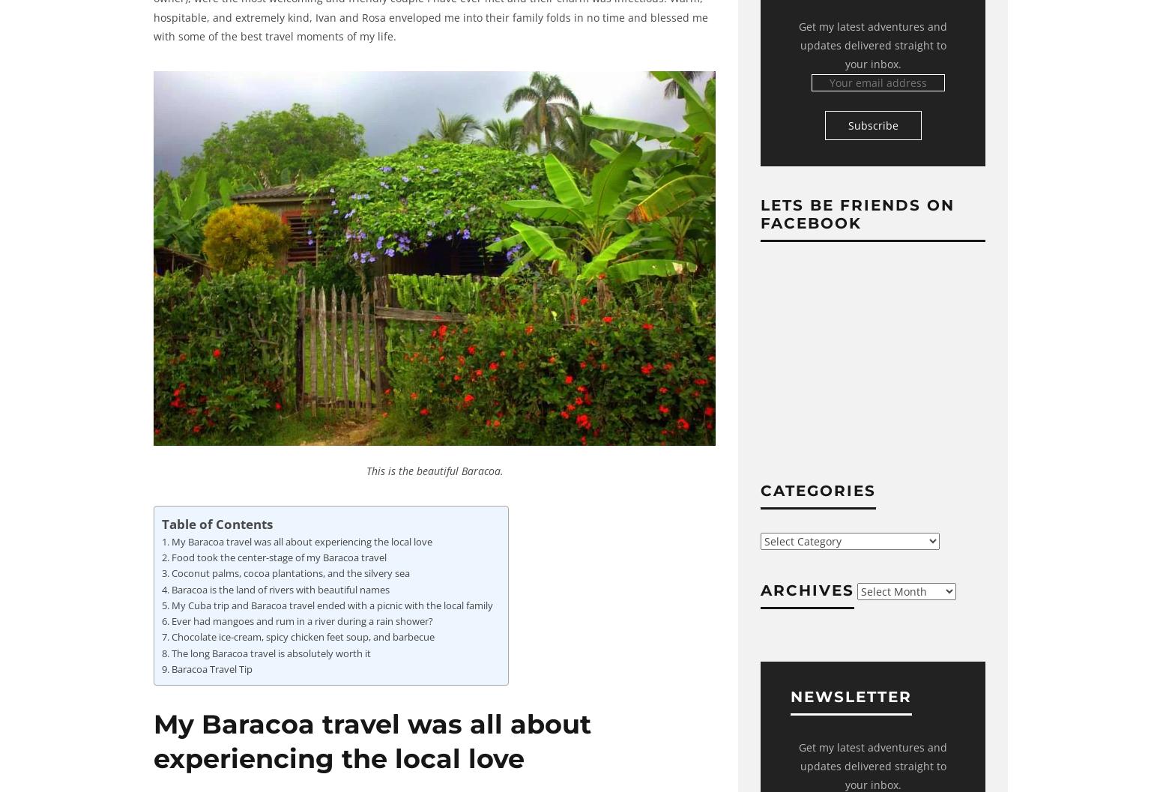 The width and height of the screenshot is (1175, 792). Describe the element at coordinates (851, 695) in the screenshot. I see `'Newsletter'` at that location.